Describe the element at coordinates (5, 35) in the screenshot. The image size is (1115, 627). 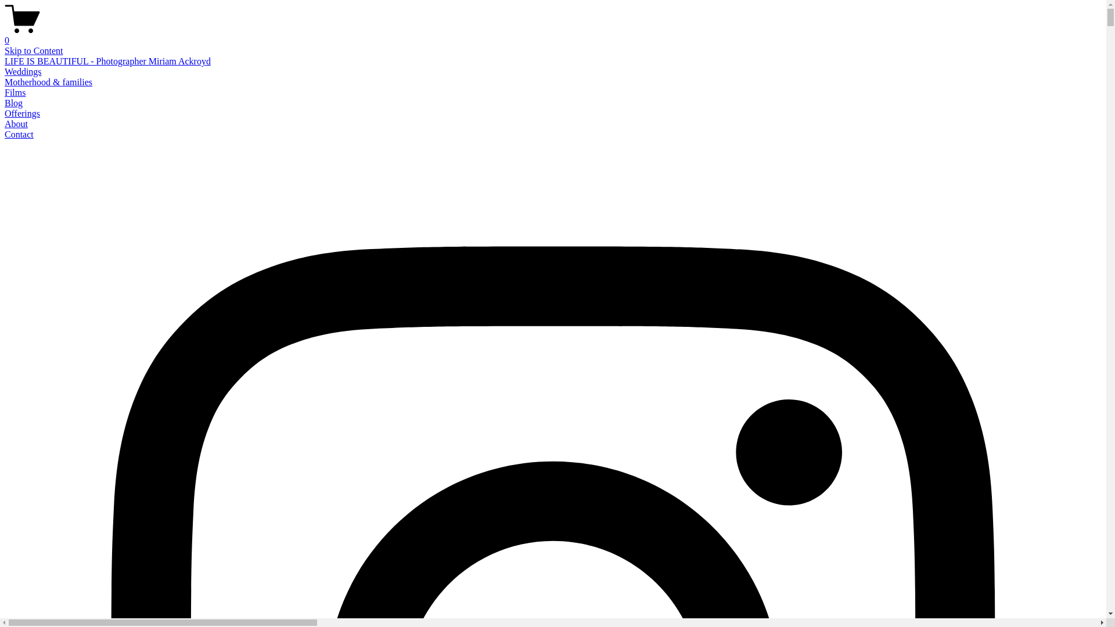
I see `'0'` at that location.